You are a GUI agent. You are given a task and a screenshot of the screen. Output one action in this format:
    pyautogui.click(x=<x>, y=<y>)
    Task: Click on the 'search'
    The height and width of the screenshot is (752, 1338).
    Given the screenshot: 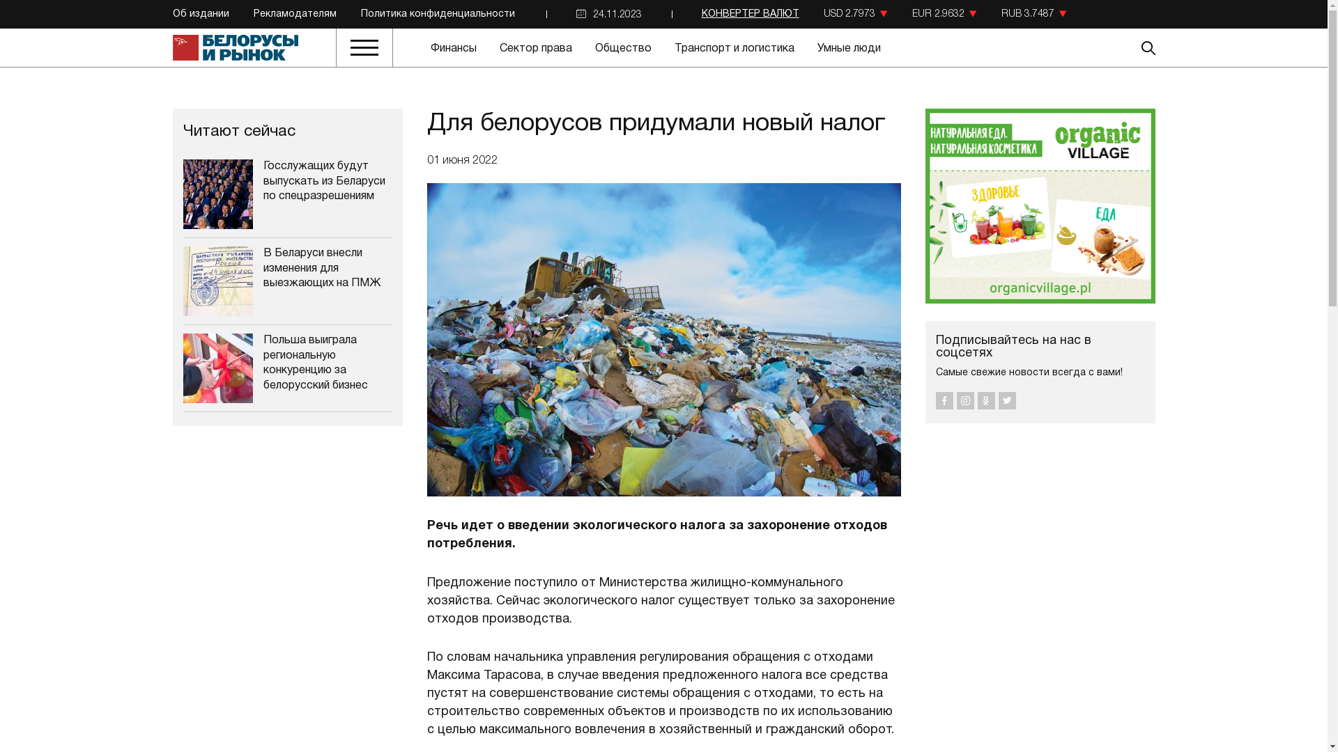 What is the action you would take?
    pyautogui.click(x=1106, y=47)
    